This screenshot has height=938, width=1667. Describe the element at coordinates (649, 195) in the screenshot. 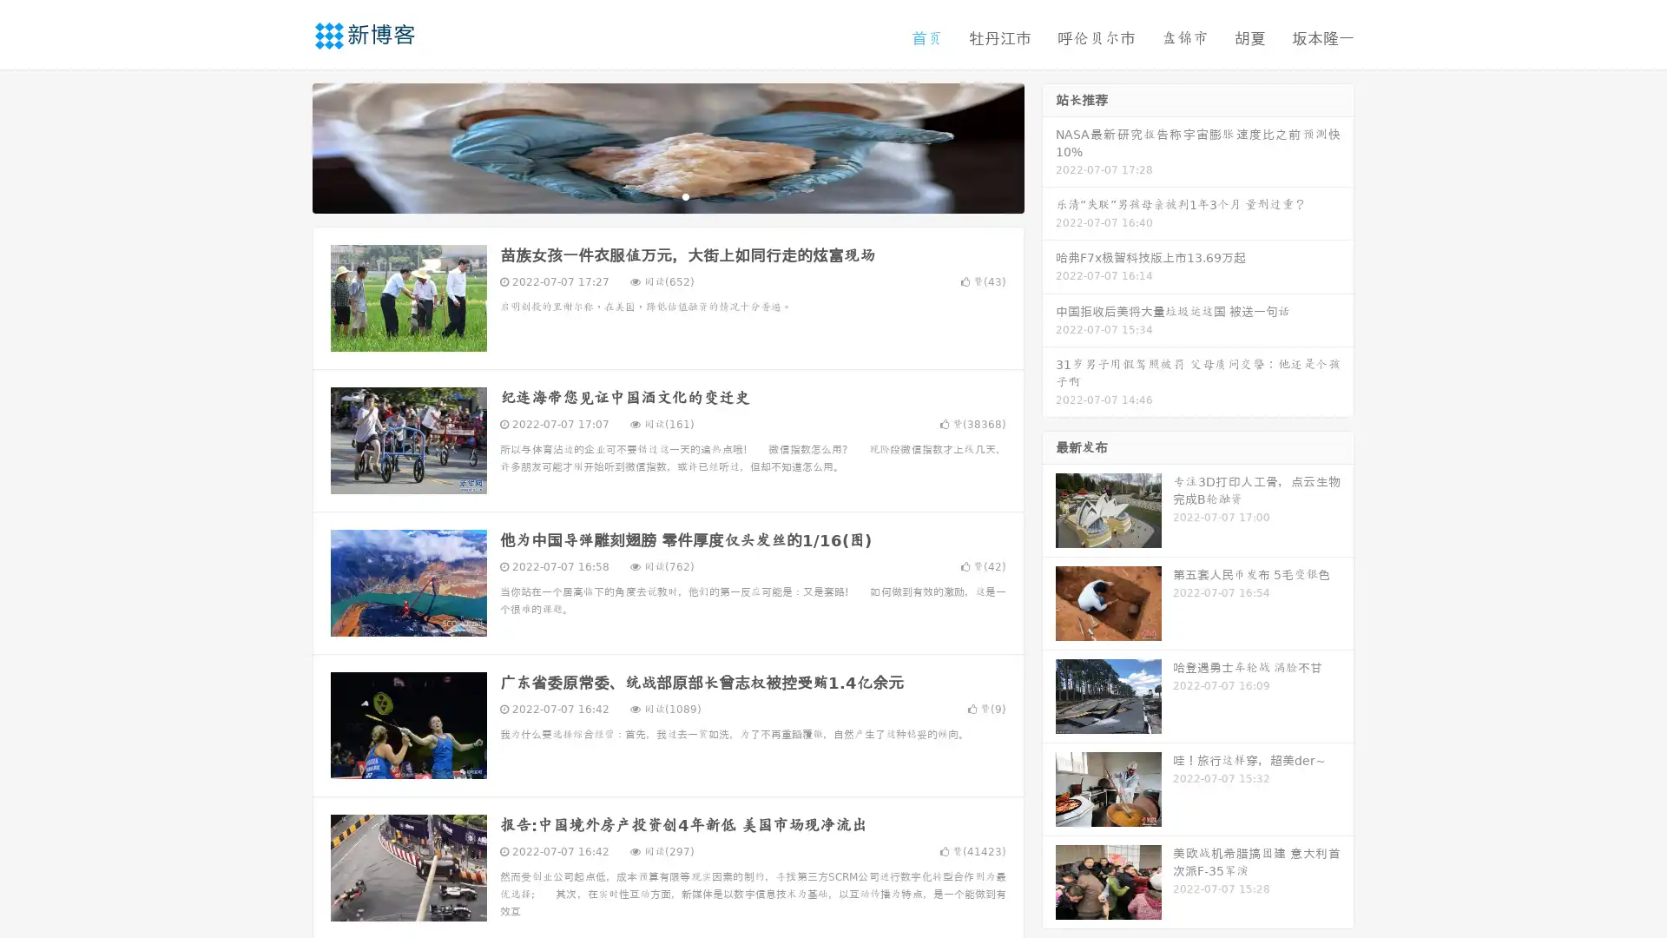

I see `Go to slide 1` at that location.